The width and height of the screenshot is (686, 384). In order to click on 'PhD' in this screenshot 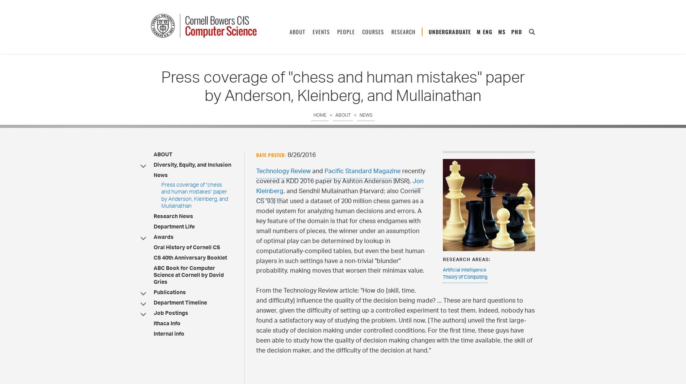, I will do `click(516, 31)`.